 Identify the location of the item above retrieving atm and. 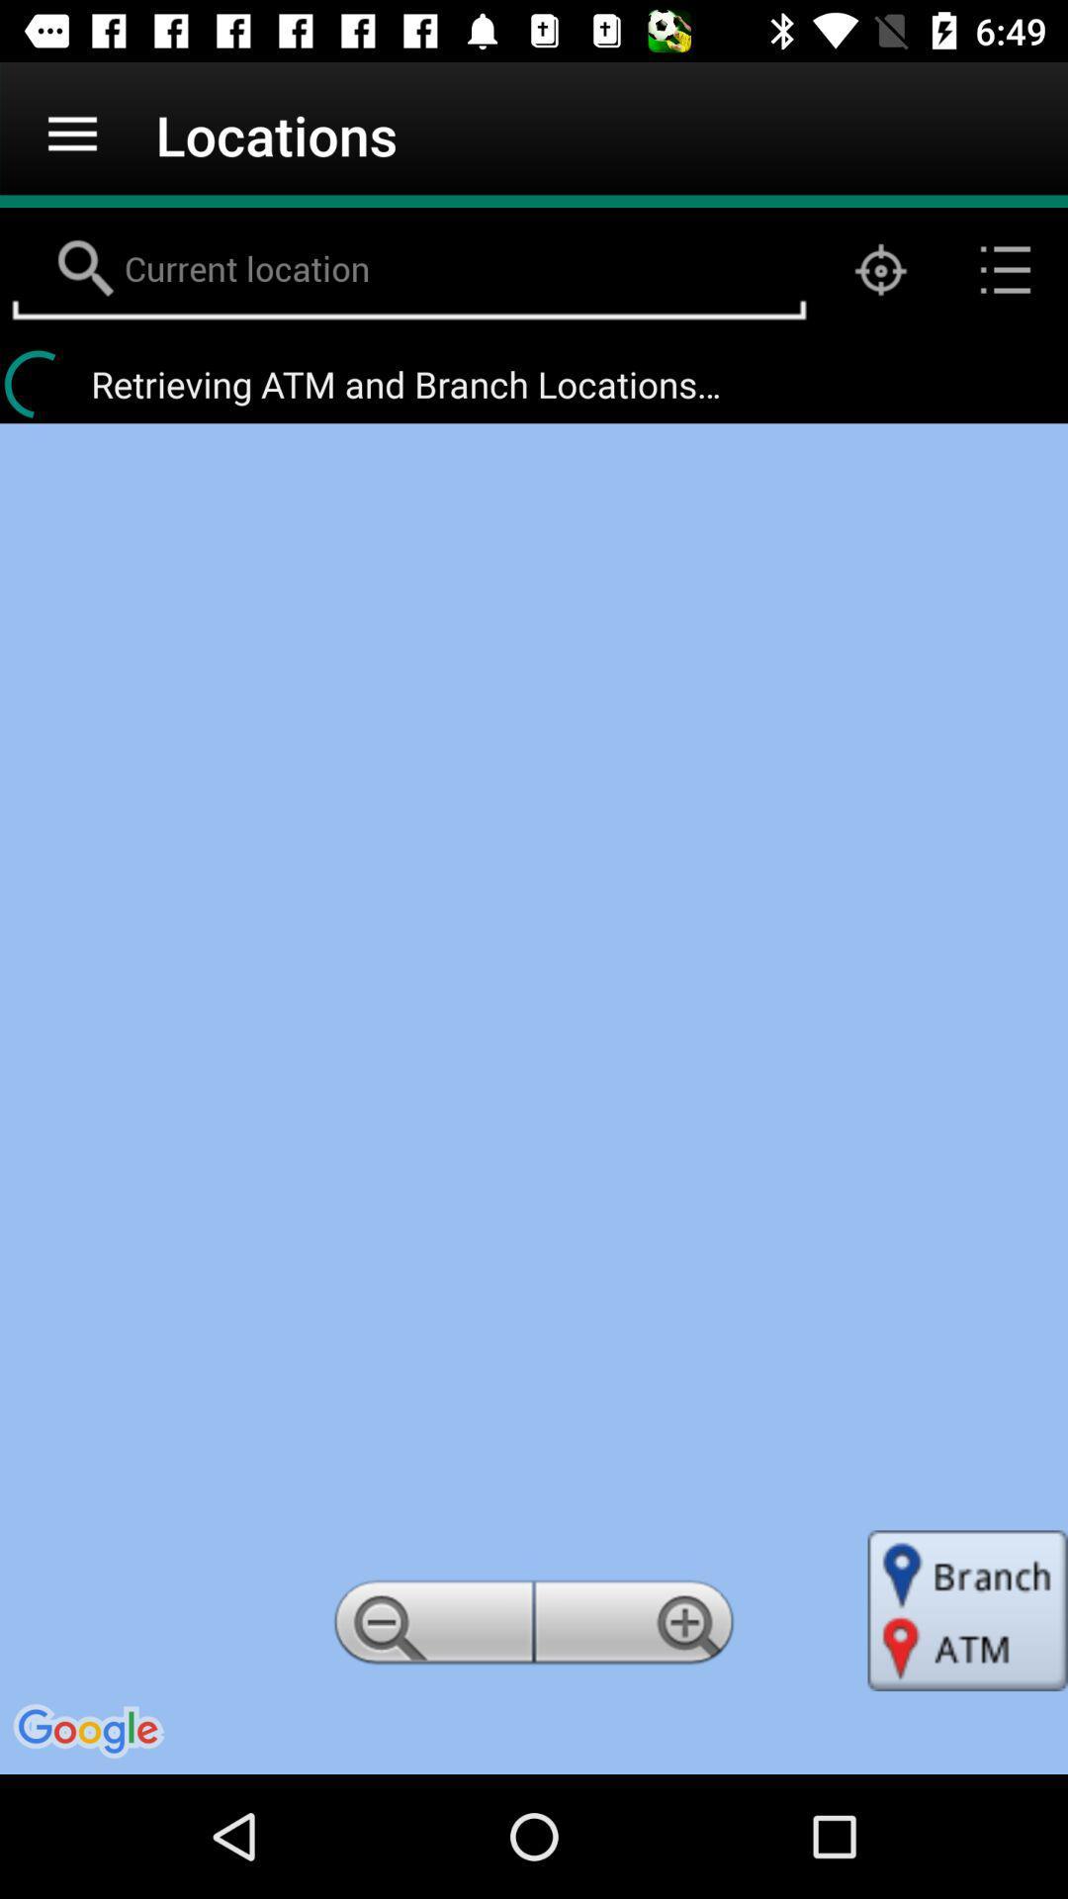
(1006, 269).